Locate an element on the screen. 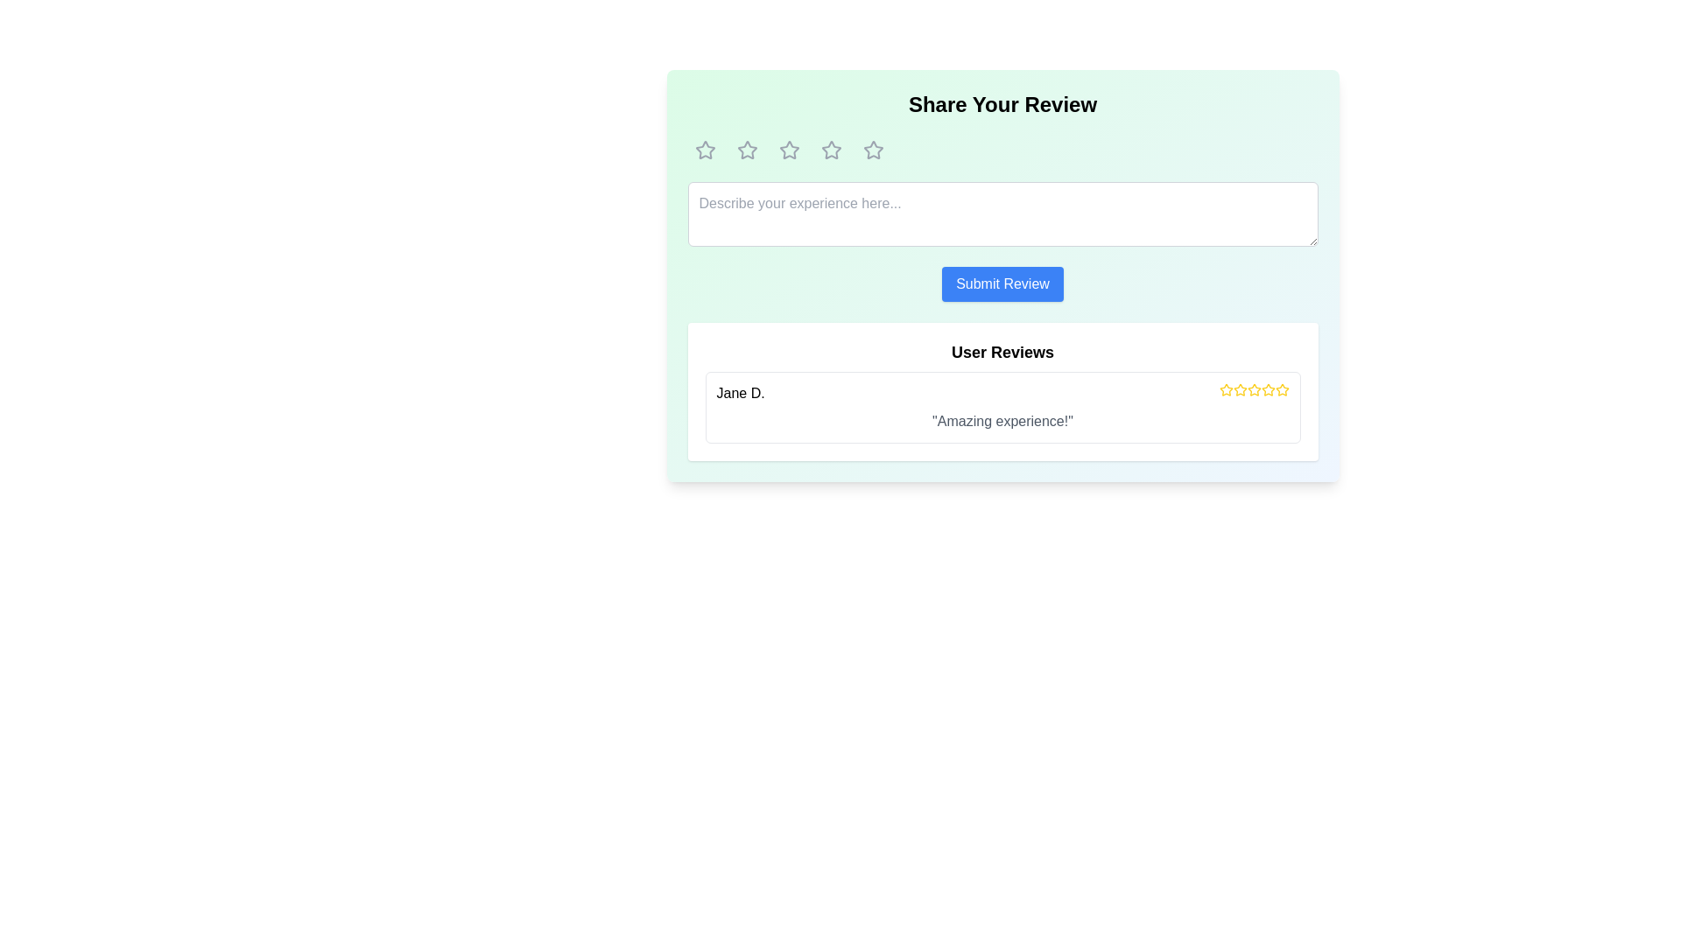 This screenshot has height=945, width=1681. the text display that reads 'Amazing experience!' located below the name 'Jane D.' in the user review section is located at coordinates (1002, 422).